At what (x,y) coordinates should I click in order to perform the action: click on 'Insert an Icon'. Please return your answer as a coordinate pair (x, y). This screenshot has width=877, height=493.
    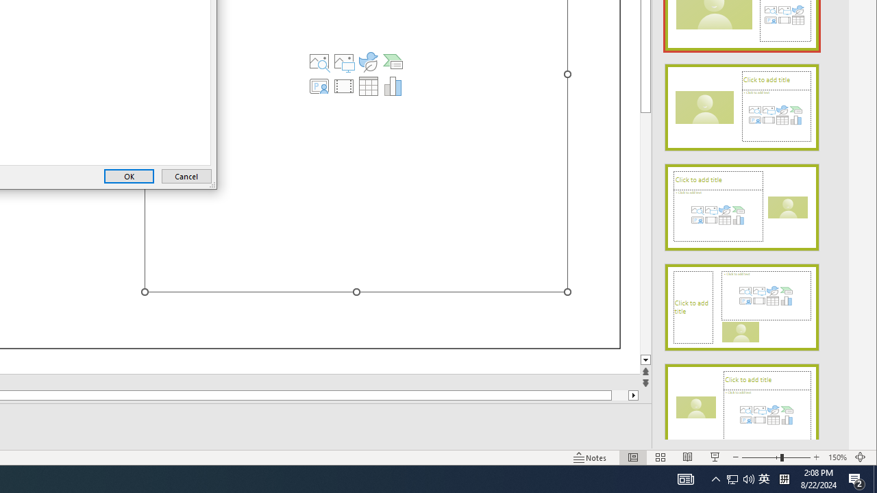
    Looking at the image, I should click on (369, 62).